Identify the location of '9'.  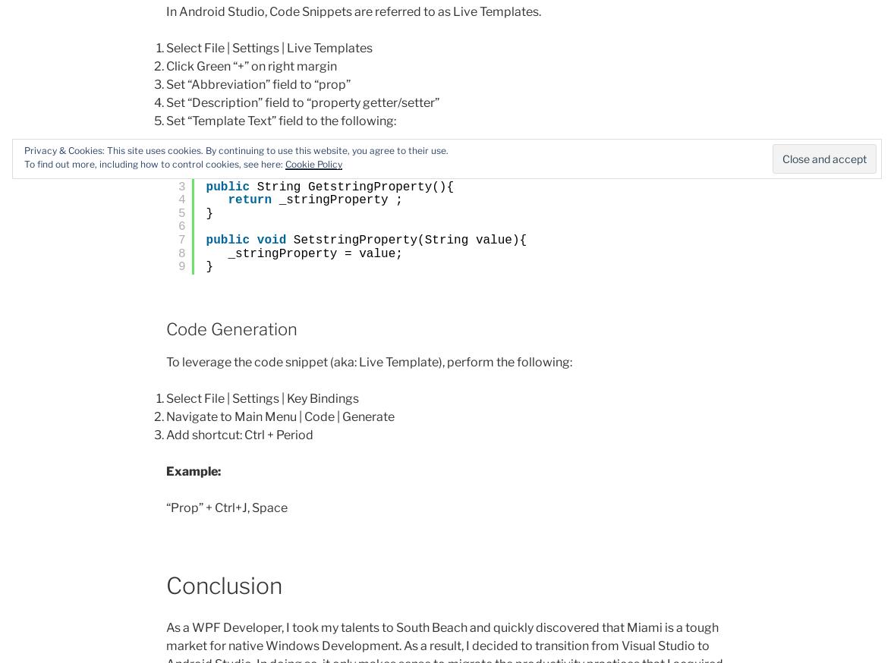
(181, 266).